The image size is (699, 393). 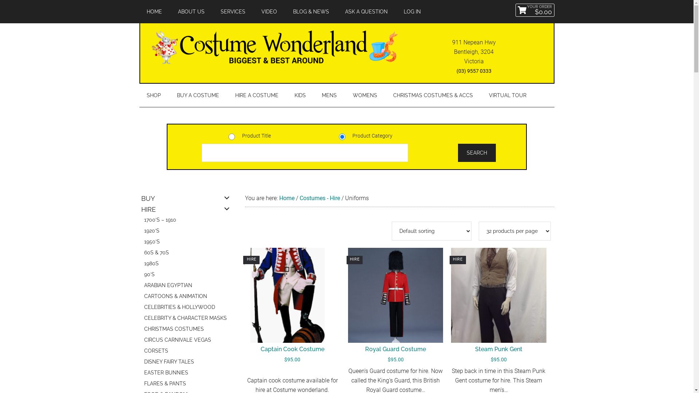 I want to click on '(03) 9557 0333', so click(x=474, y=71).